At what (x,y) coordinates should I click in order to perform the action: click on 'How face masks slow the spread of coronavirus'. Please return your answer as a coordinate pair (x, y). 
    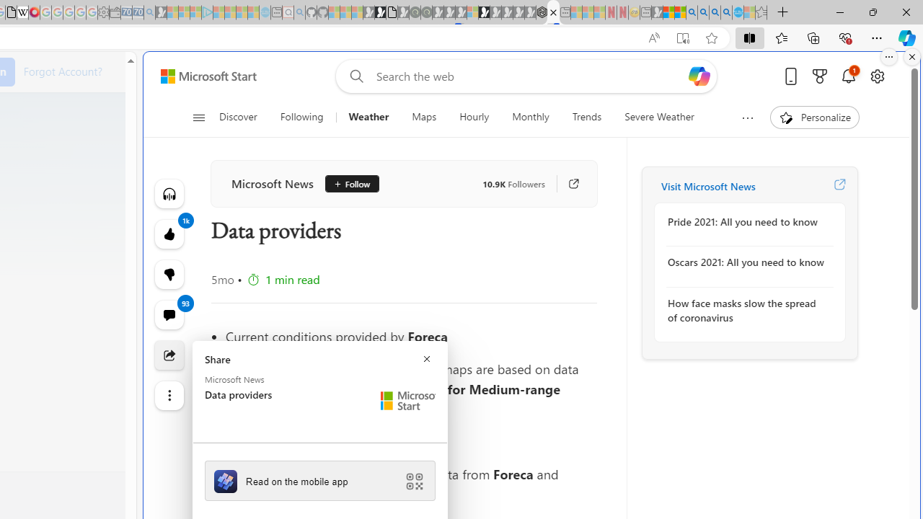
    Looking at the image, I should click on (746, 309).